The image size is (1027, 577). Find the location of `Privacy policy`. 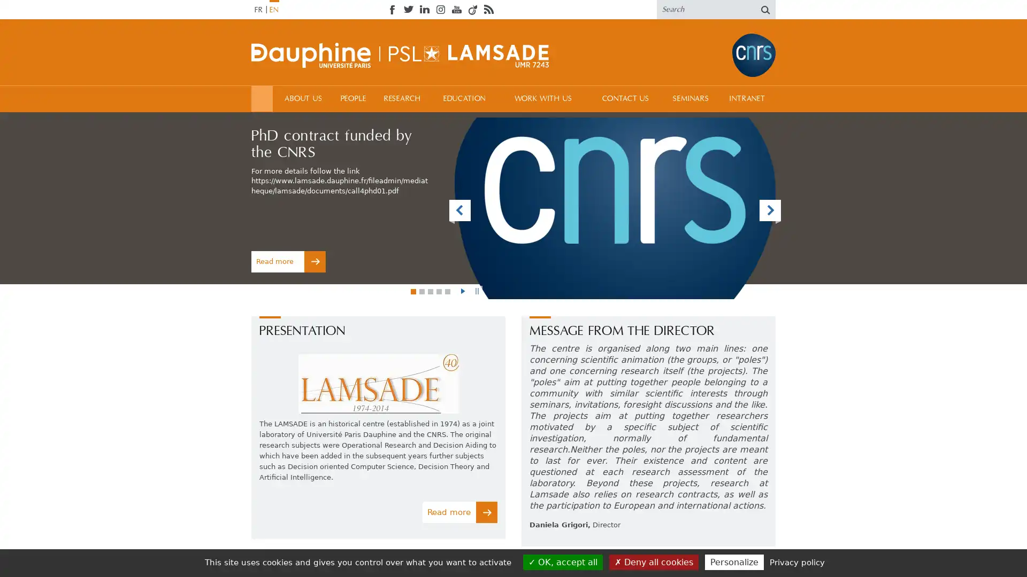

Privacy policy is located at coordinates (796, 562).